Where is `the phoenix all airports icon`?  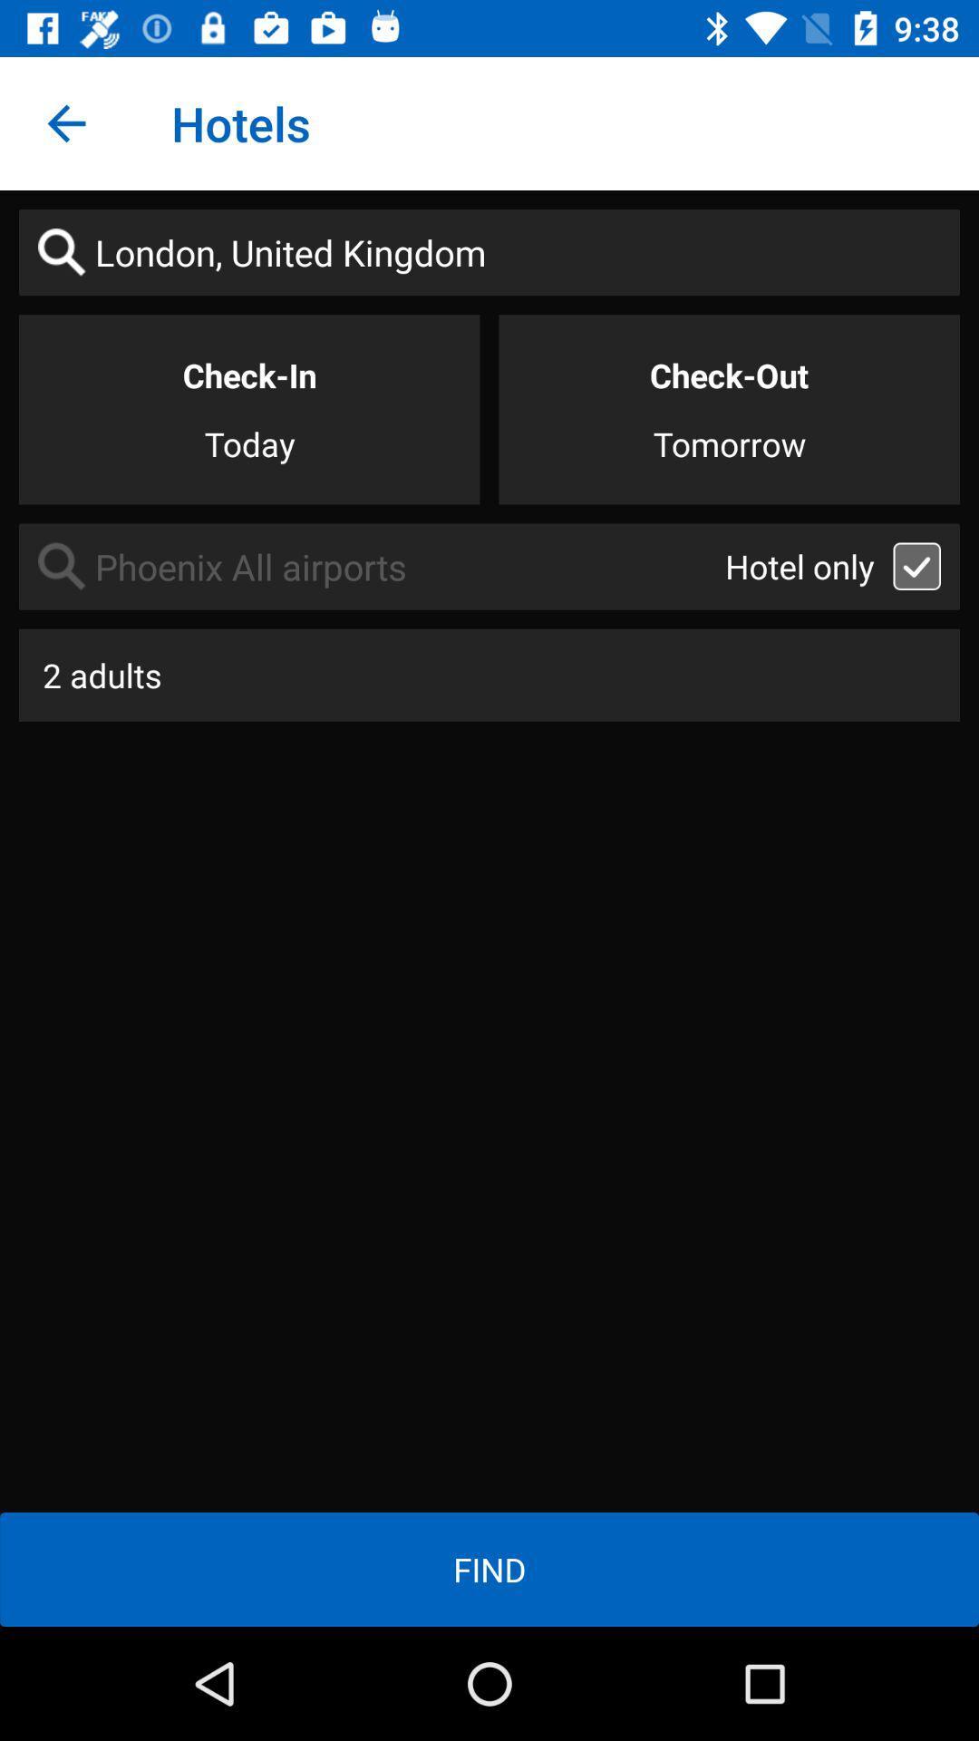 the phoenix all airports icon is located at coordinates (371, 566).